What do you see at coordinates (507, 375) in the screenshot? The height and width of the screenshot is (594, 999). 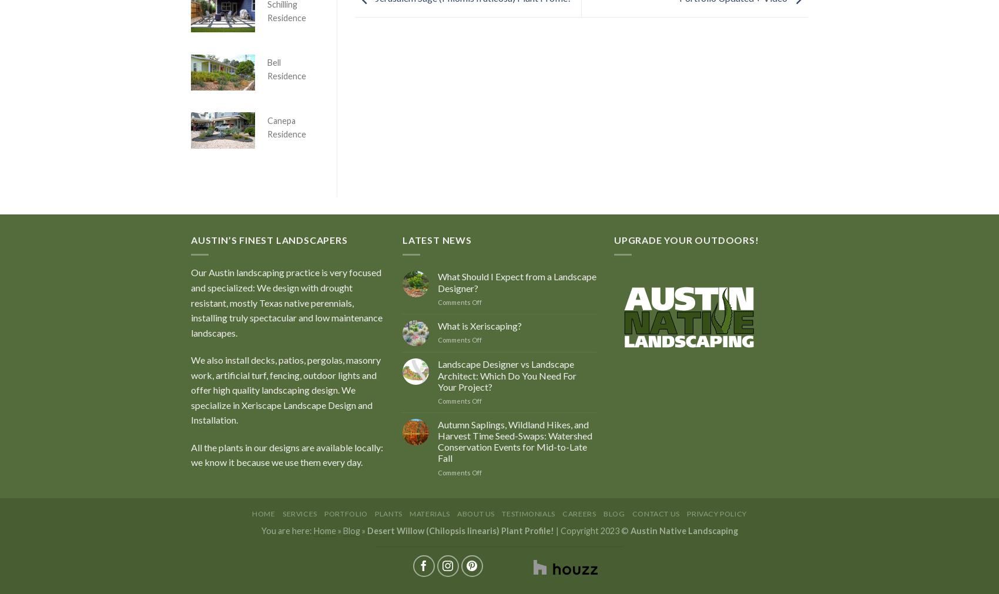 I see `'Landscape Designer vs Landscape Architect: Which Do You Need For Your Project?'` at bounding box center [507, 375].